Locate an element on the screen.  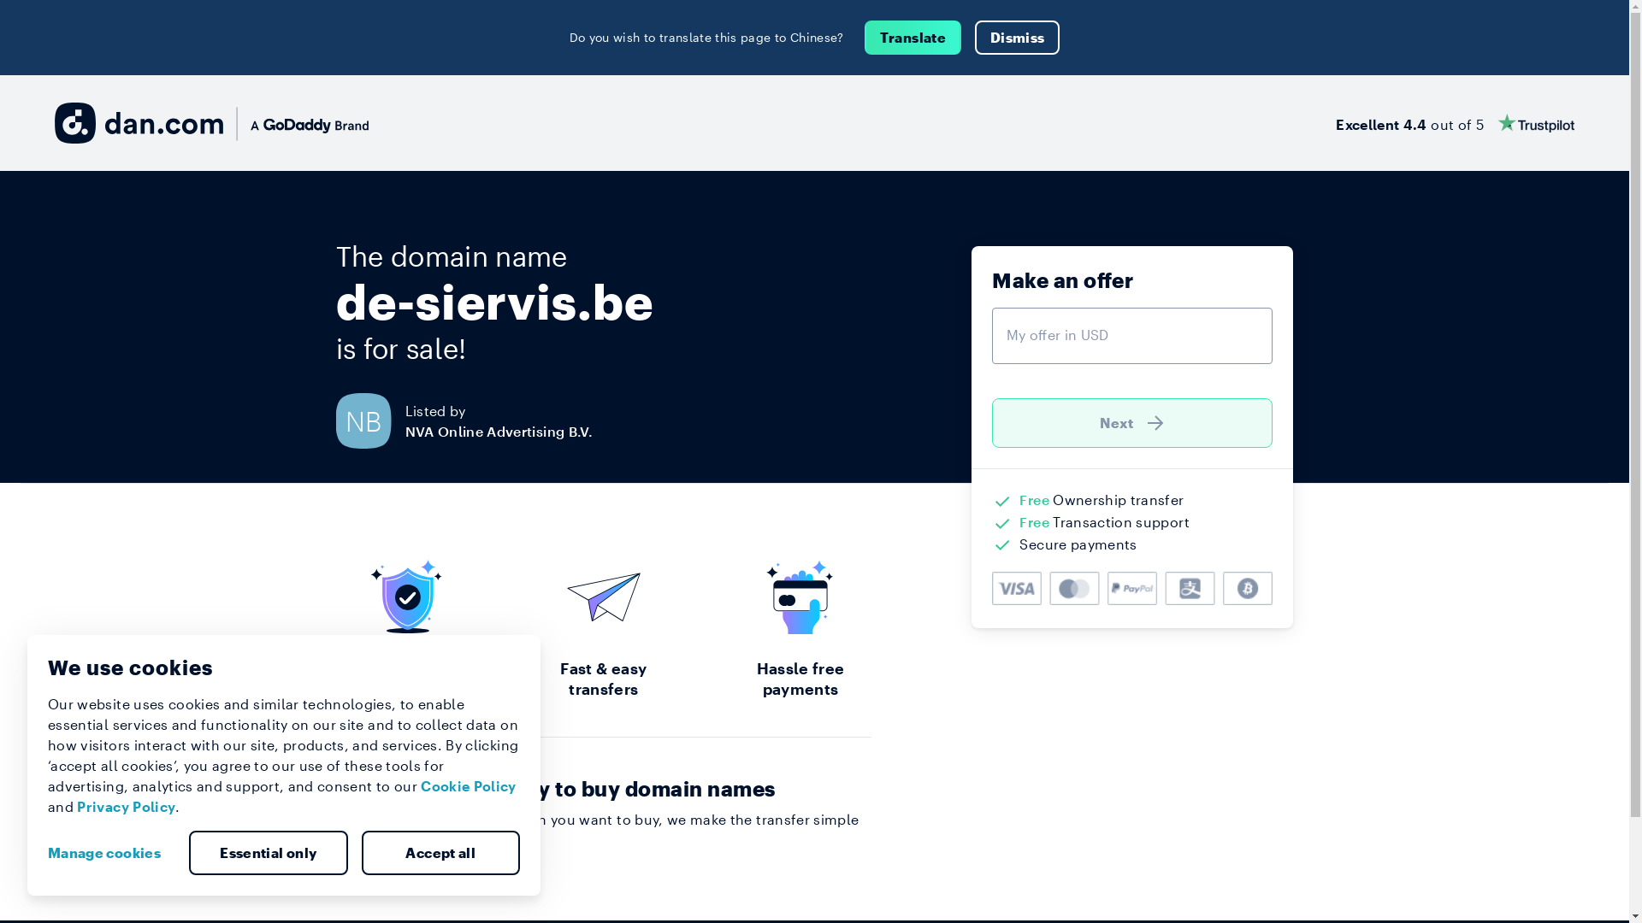
'Excellent 4.4 out of 5' is located at coordinates (1454, 121).